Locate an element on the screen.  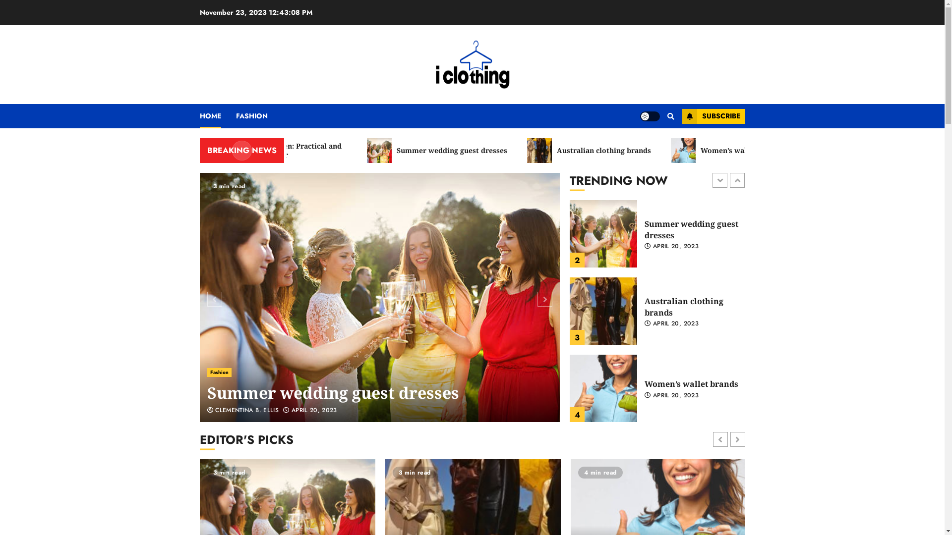
'Australian clothing brands' is located at coordinates (603, 387).